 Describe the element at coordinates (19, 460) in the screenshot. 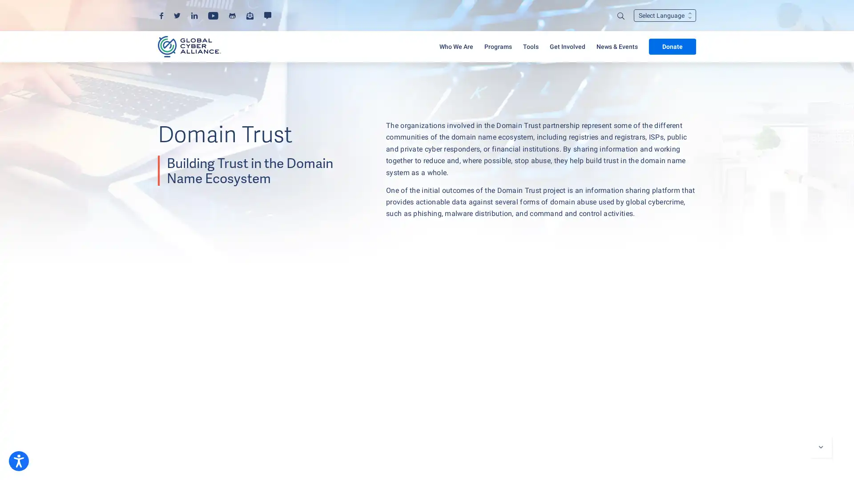

I see `Open accessibility options, statement and help` at that location.